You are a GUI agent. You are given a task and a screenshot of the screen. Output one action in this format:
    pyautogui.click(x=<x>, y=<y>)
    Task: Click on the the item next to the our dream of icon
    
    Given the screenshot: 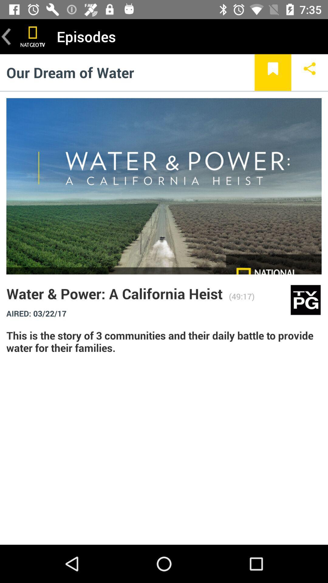 What is the action you would take?
    pyautogui.click(x=272, y=72)
    